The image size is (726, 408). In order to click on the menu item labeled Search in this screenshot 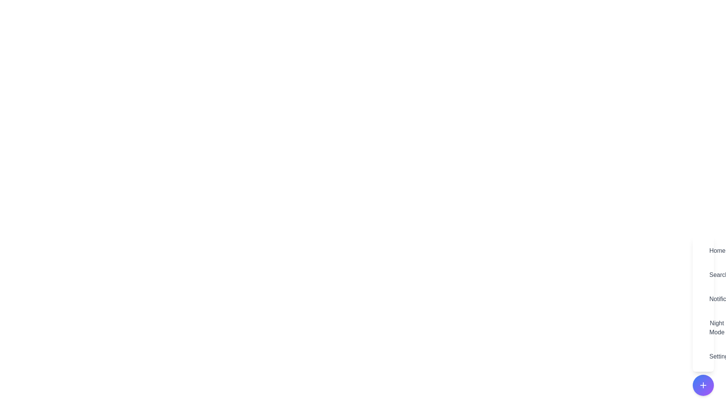, I will do `click(703, 275)`.